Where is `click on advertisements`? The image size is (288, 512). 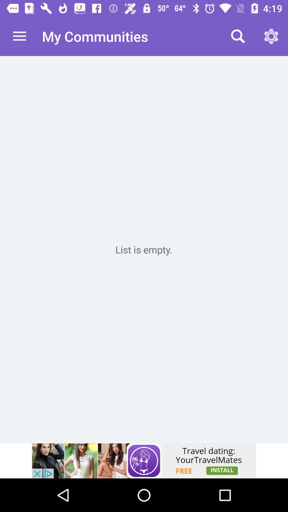 click on advertisements is located at coordinates (144, 461).